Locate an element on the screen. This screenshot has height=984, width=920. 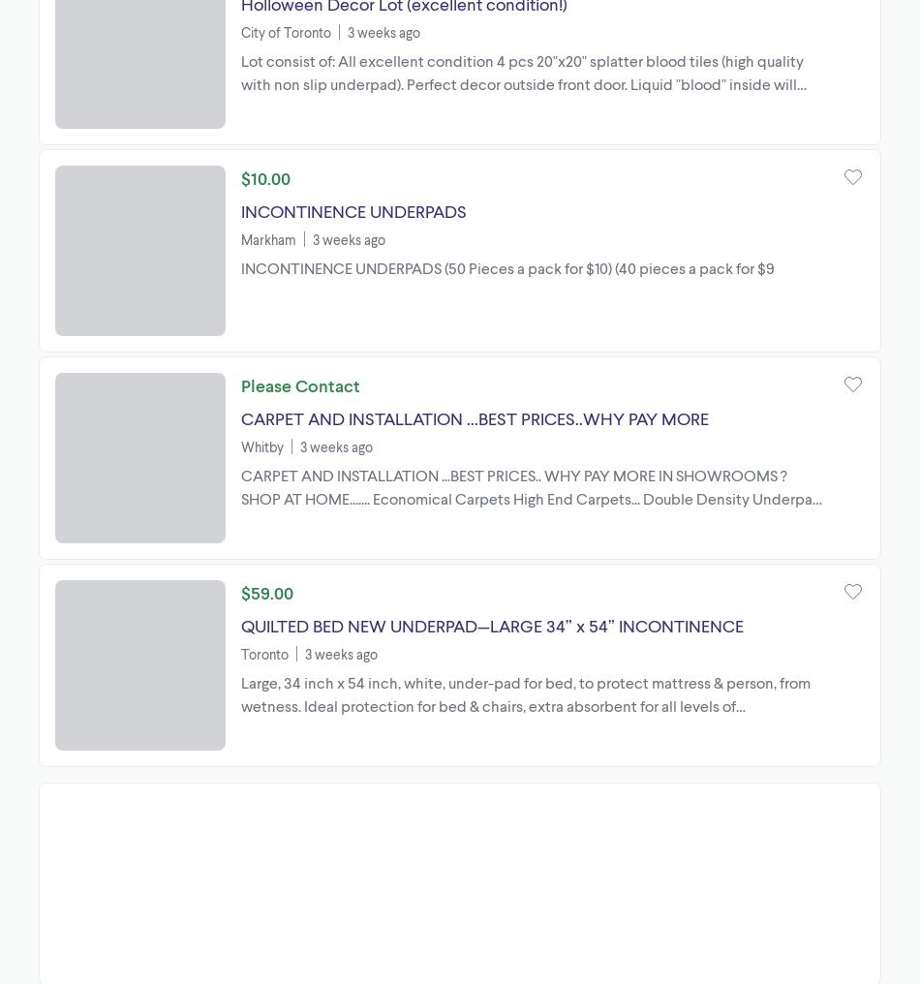
'$59.00' is located at coordinates (265, 592).